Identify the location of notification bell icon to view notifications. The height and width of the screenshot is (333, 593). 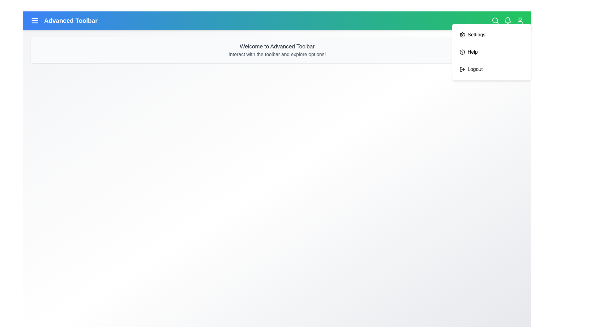
(507, 20).